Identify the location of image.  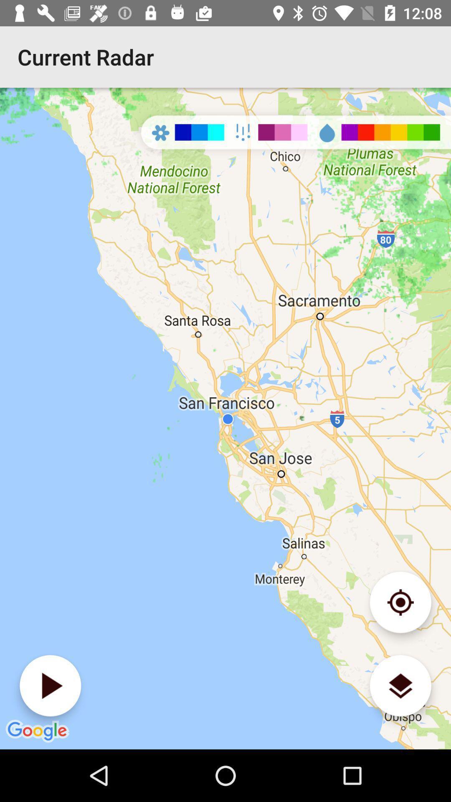
(50, 685).